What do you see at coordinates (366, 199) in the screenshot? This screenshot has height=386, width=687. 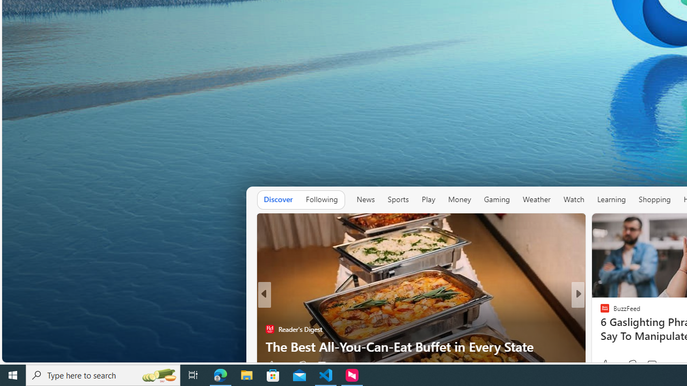 I see `'News'` at bounding box center [366, 199].